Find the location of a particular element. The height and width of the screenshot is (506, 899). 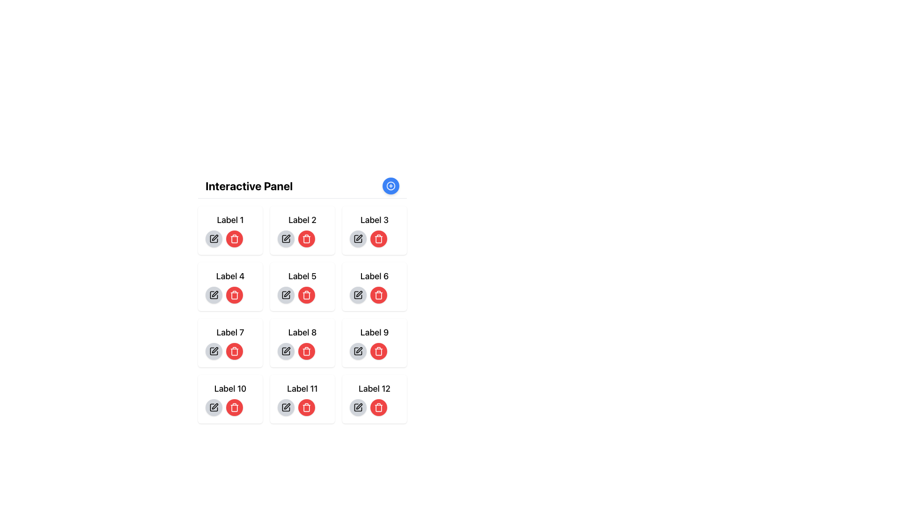

the dark gray diagonal pen icon button in the Interactive Panel, located in the fourth row and the second column is located at coordinates (287, 350).